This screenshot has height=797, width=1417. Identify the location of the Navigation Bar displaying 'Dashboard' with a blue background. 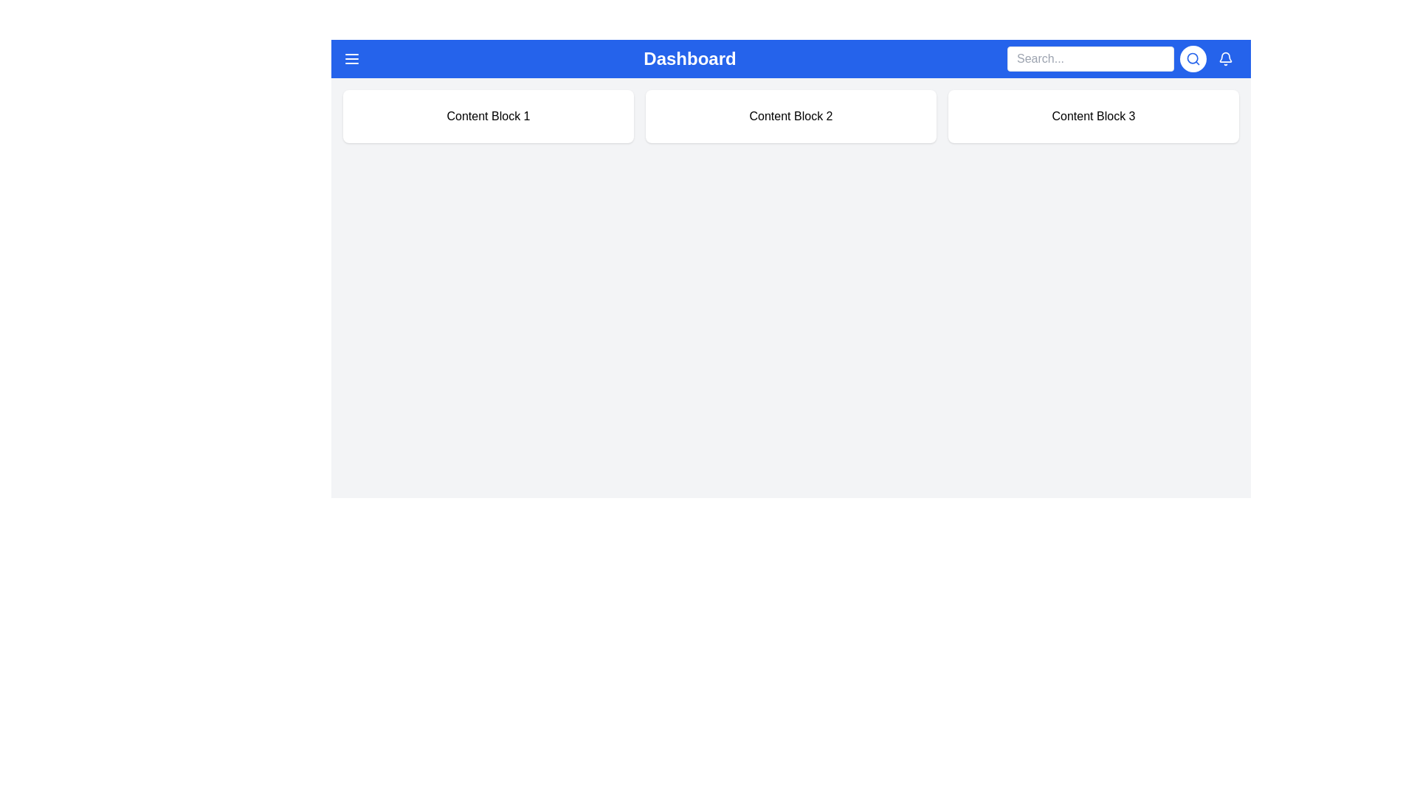
(790, 58).